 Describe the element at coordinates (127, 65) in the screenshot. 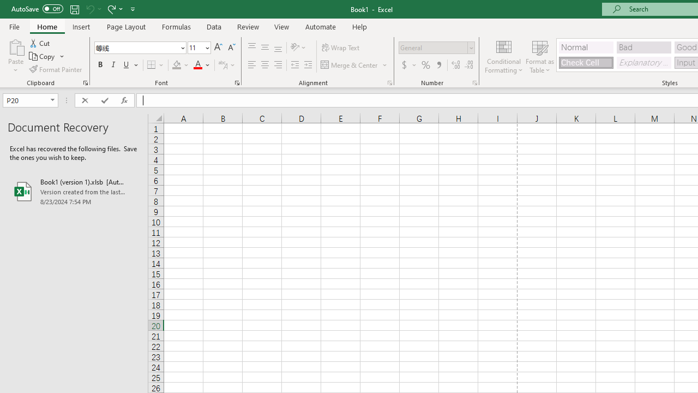

I see `'Underline'` at that location.